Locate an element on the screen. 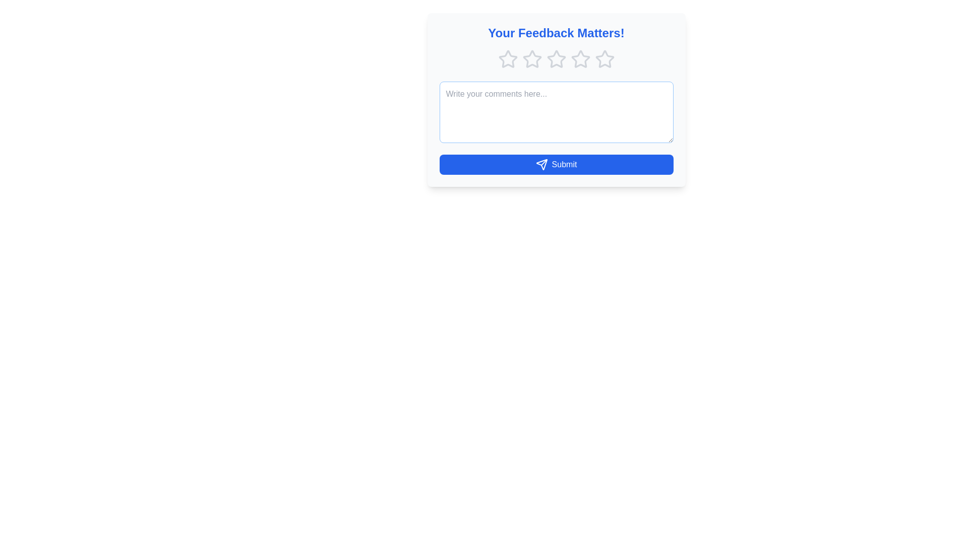 The width and height of the screenshot is (968, 544). the fifth star icon in the rating row is located at coordinates (604, 58).